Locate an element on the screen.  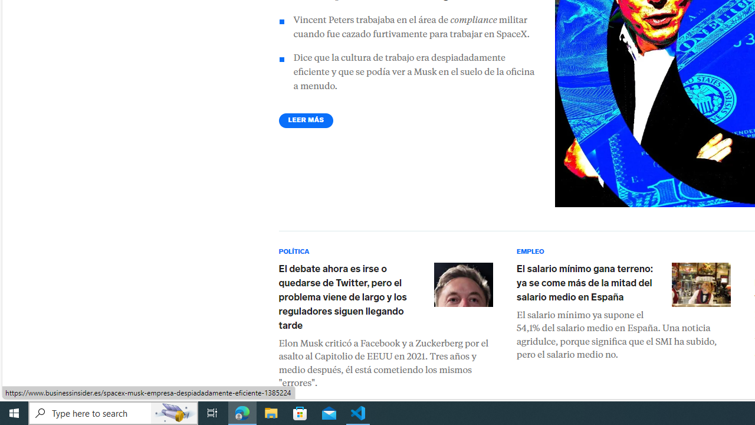
'Elon Musk' is located at coordinates (462, 285).